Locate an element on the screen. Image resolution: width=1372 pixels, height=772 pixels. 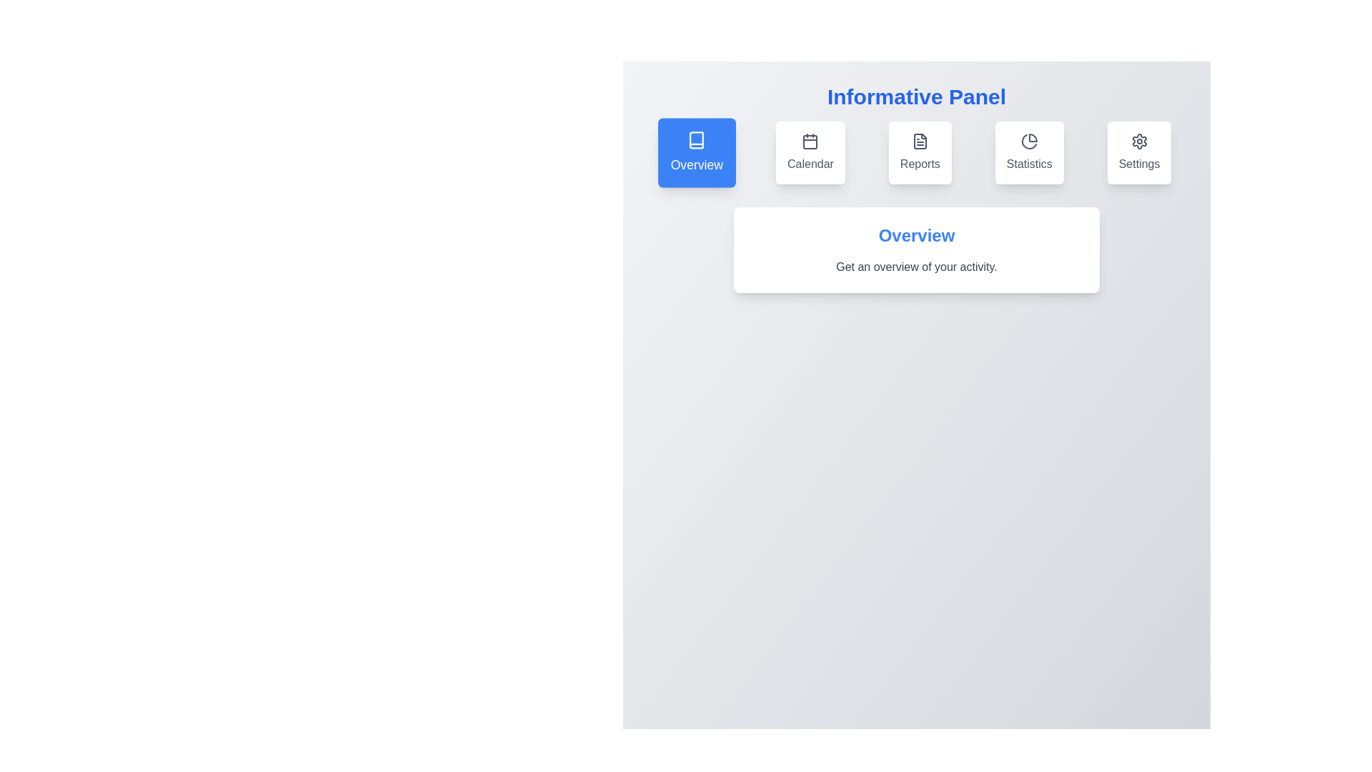
the gear icon representing settings, located in the top-right corner of the interface, above the 'Settings' label is located at coordinates (1138, 141).